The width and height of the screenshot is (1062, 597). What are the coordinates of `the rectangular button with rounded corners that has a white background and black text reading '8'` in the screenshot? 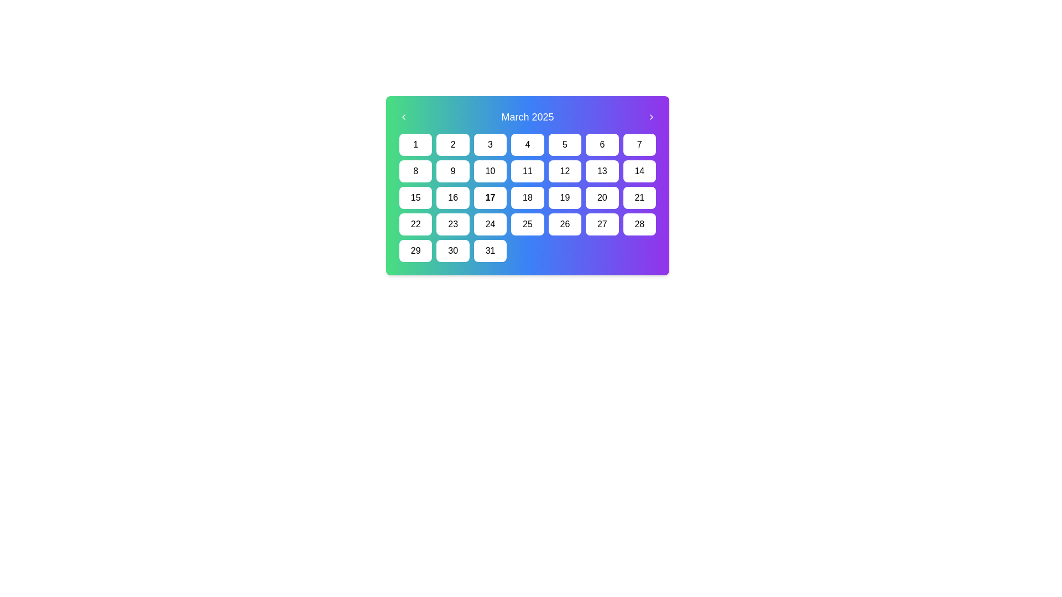 It's located at (415, 171).